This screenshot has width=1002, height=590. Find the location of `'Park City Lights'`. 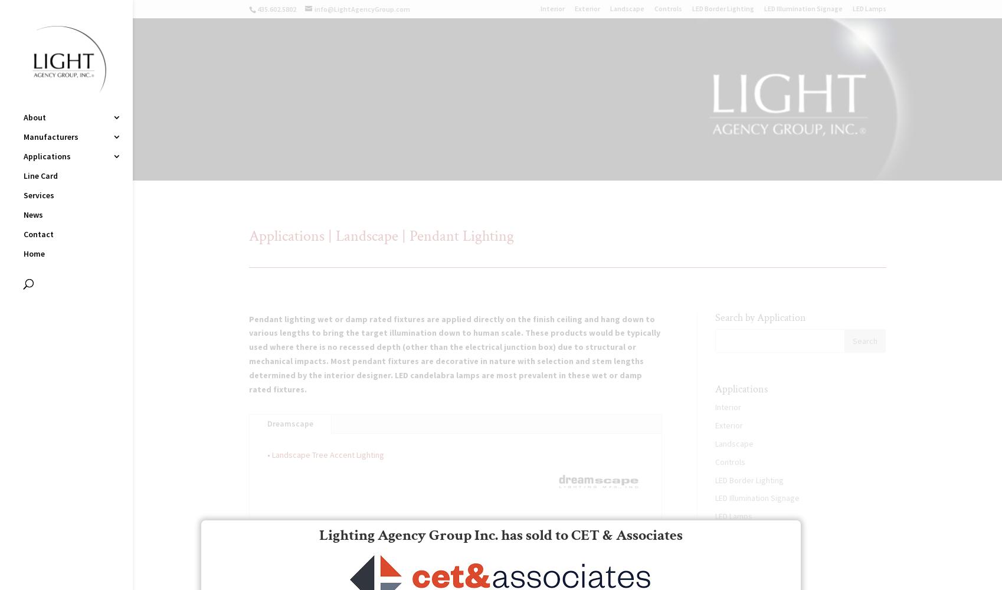

'Park City Lights' is located at coordinates (186, 302).